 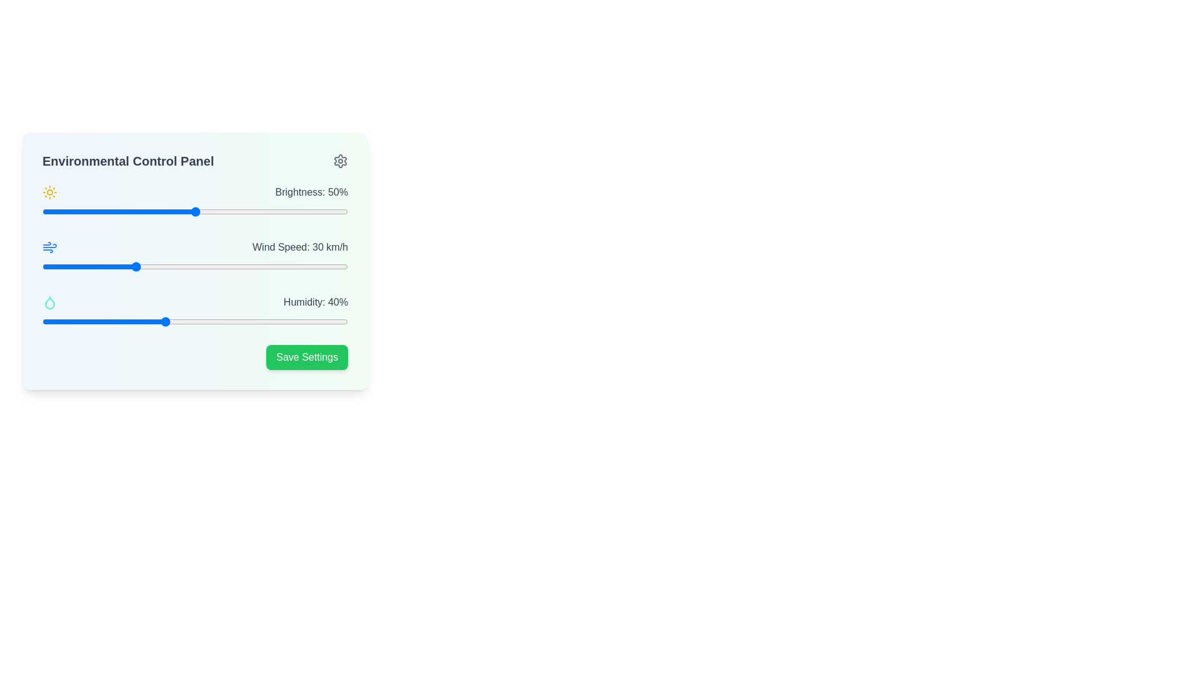 I want to click on the gear-shaped icon button located, so click(x=341, y=161).